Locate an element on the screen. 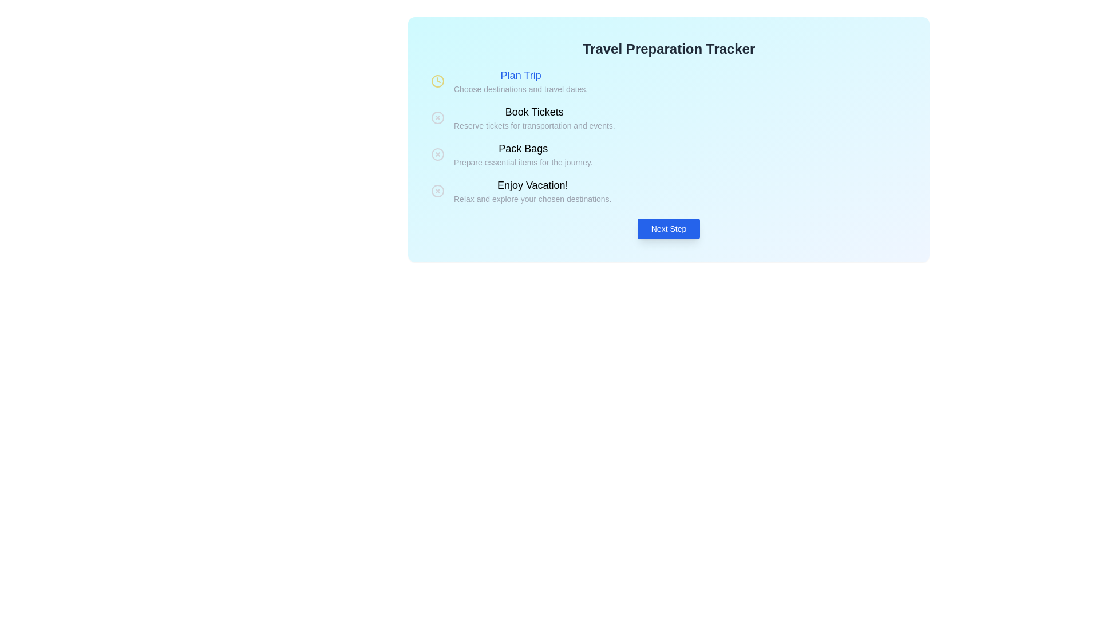 The height and width of the screenshot is (618, 1099). the 'Pack Bags' text header, which is centrally aligned and rendered in a bold, black font, located in the third step of a vertical list of steps is located at coordinates (523, 148).